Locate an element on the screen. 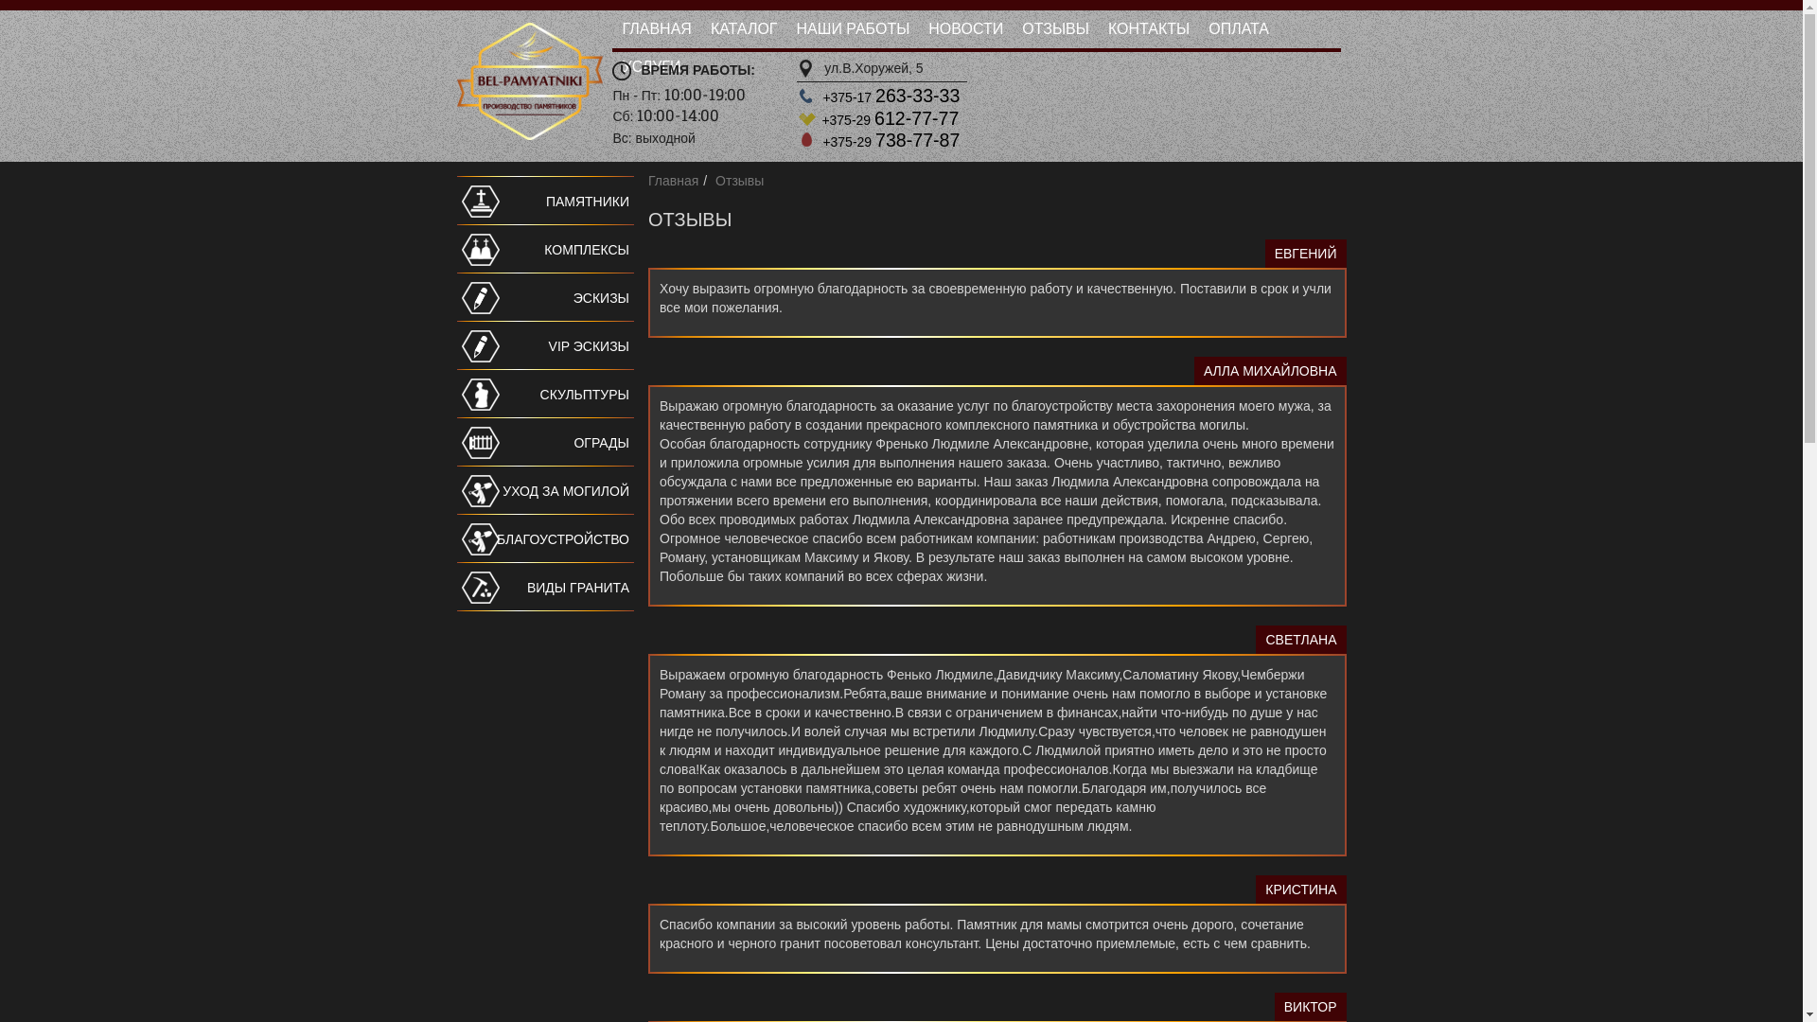 The image size is (1817, 1022). '+375-29 612-77-77' is located at coordinates (821, 119).